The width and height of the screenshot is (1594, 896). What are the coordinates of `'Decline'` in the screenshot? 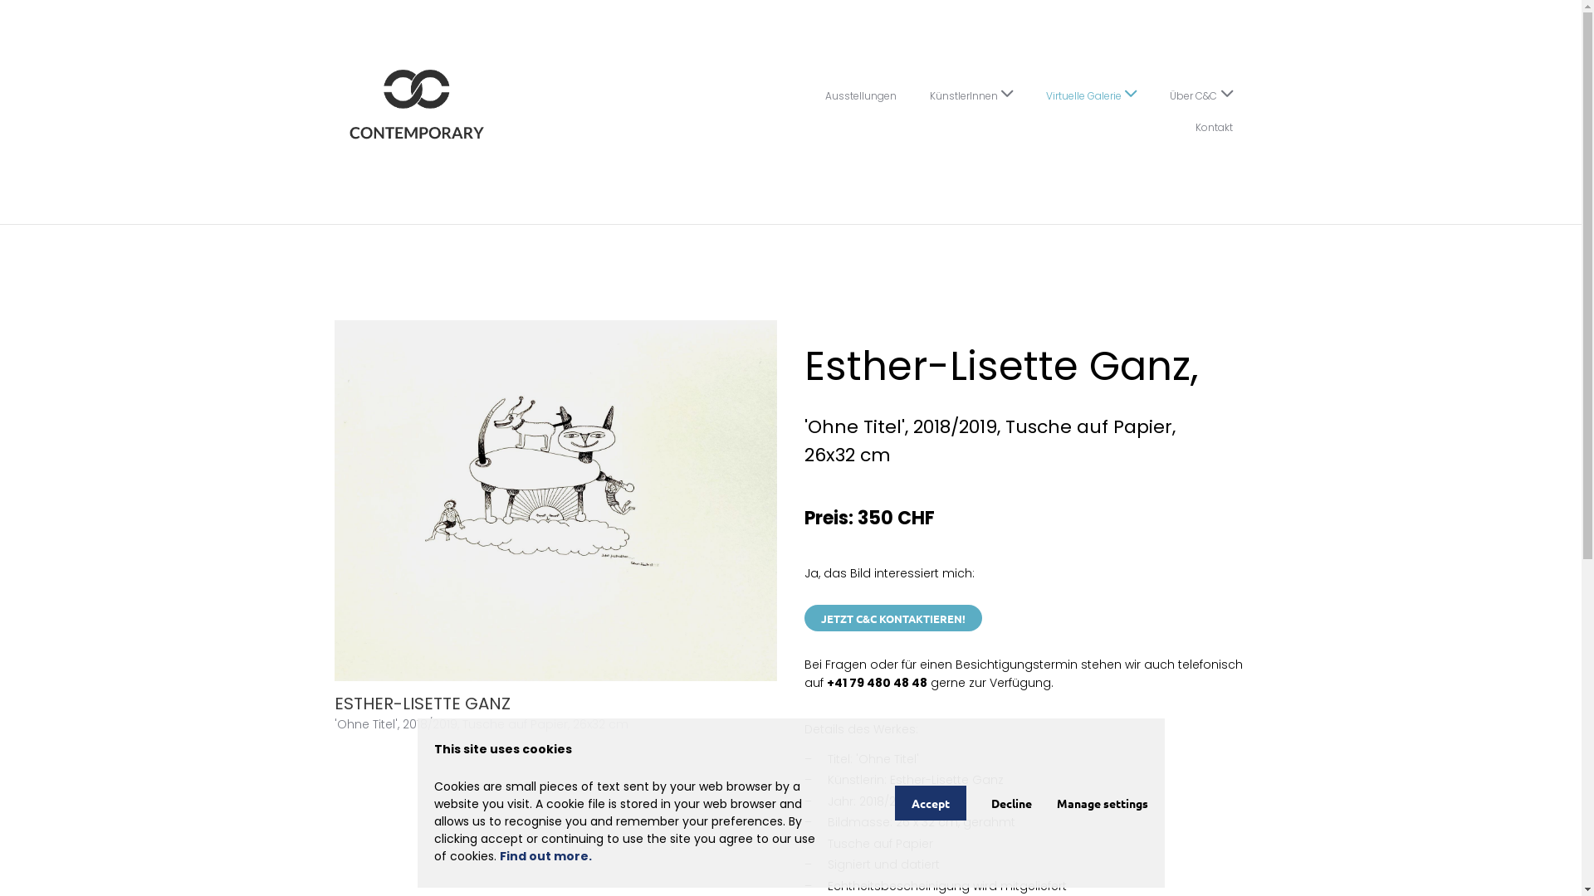 It's located at (1010, 802).